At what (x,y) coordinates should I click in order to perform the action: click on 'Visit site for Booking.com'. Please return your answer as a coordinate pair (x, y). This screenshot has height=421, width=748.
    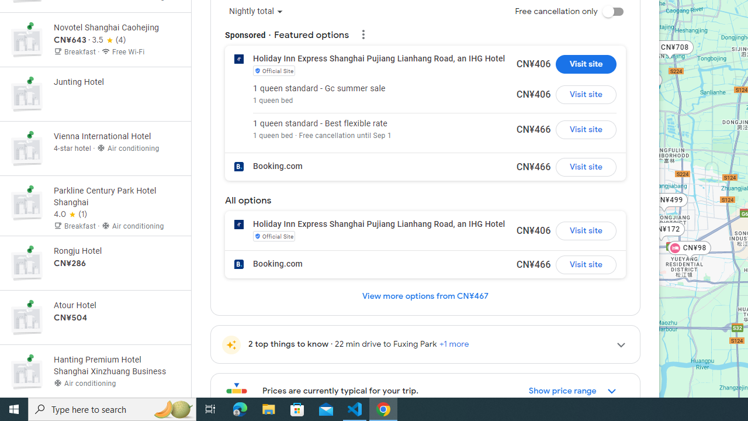
    Looking at the image, I should click on (586, 264).